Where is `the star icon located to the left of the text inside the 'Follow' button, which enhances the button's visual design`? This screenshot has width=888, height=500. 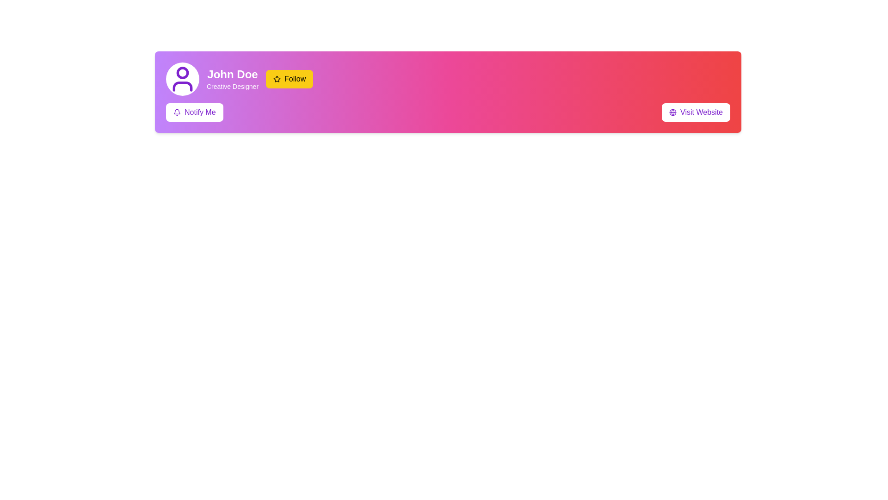 the star icon located to the left of the text inside the 'Follow' button, which enhances the button's visual design is located at coordinates (277, 78).